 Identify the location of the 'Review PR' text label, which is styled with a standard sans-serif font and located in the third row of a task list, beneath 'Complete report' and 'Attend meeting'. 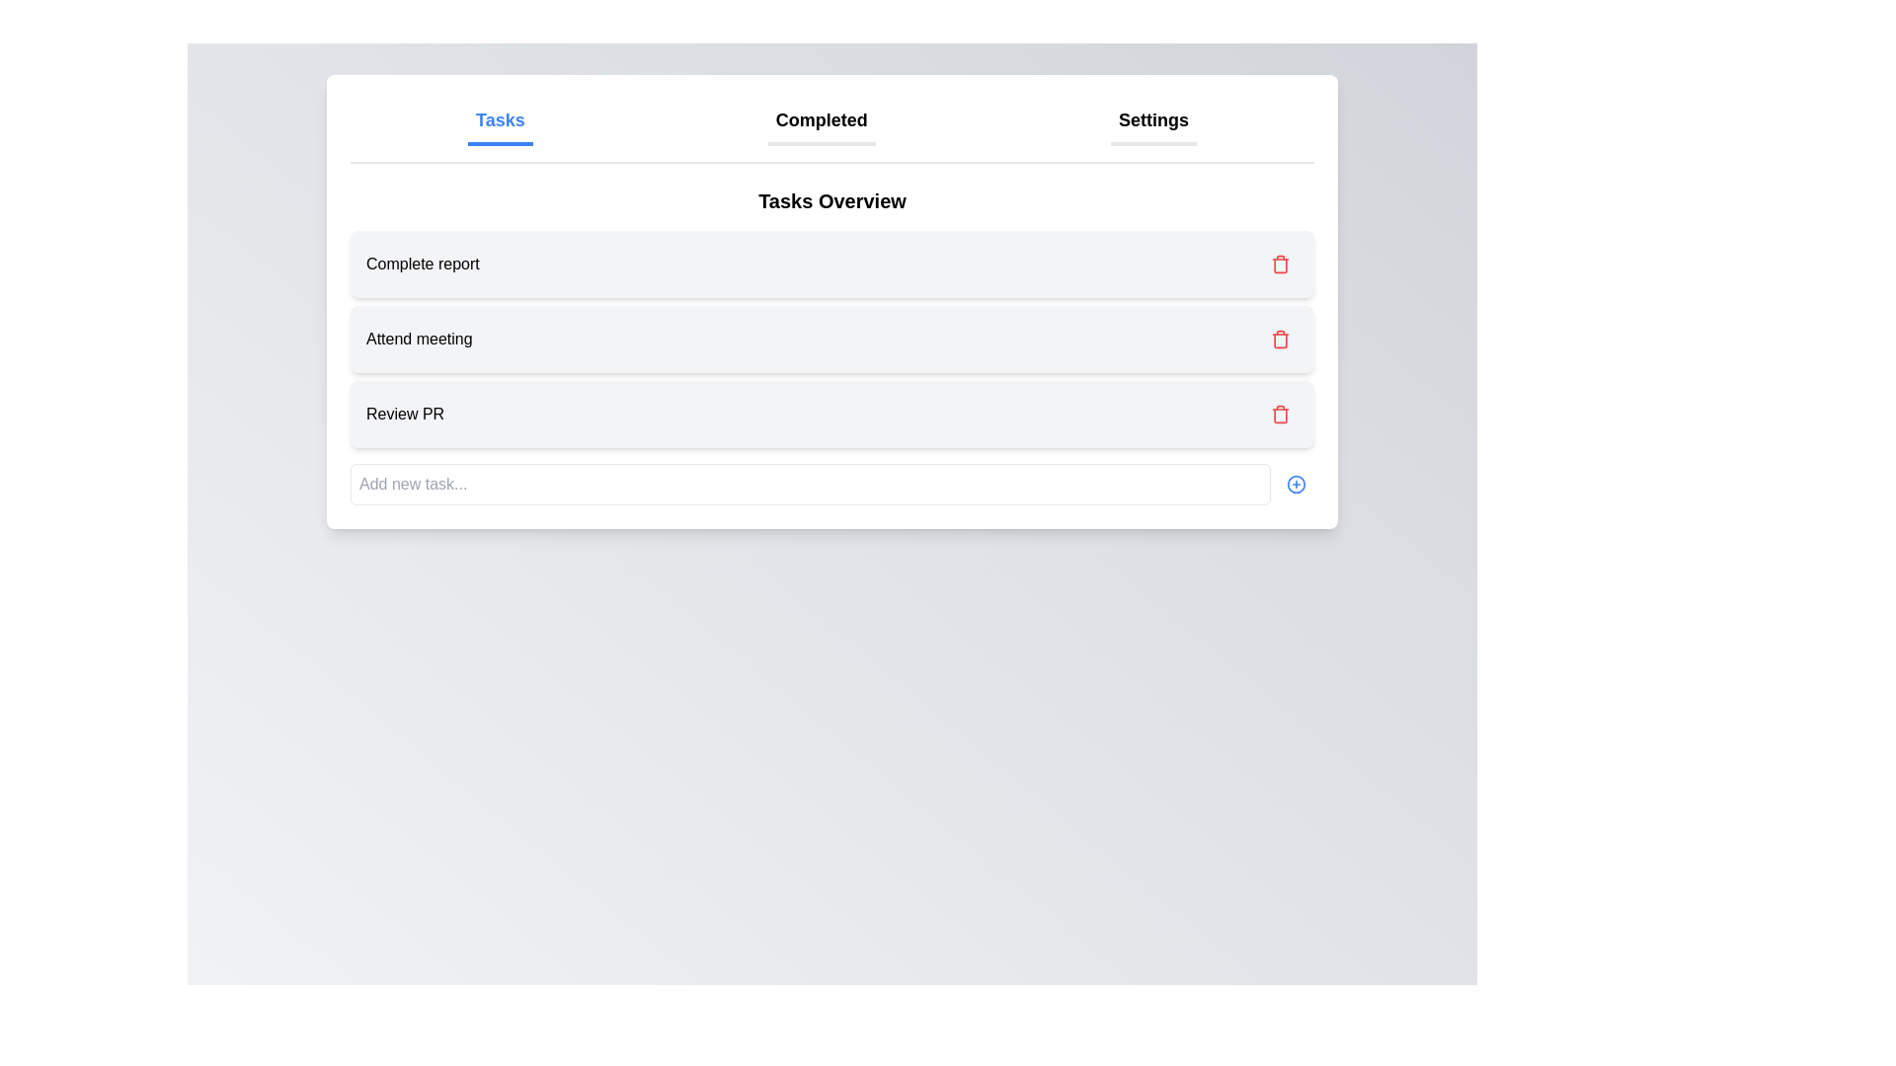
(404, 414).